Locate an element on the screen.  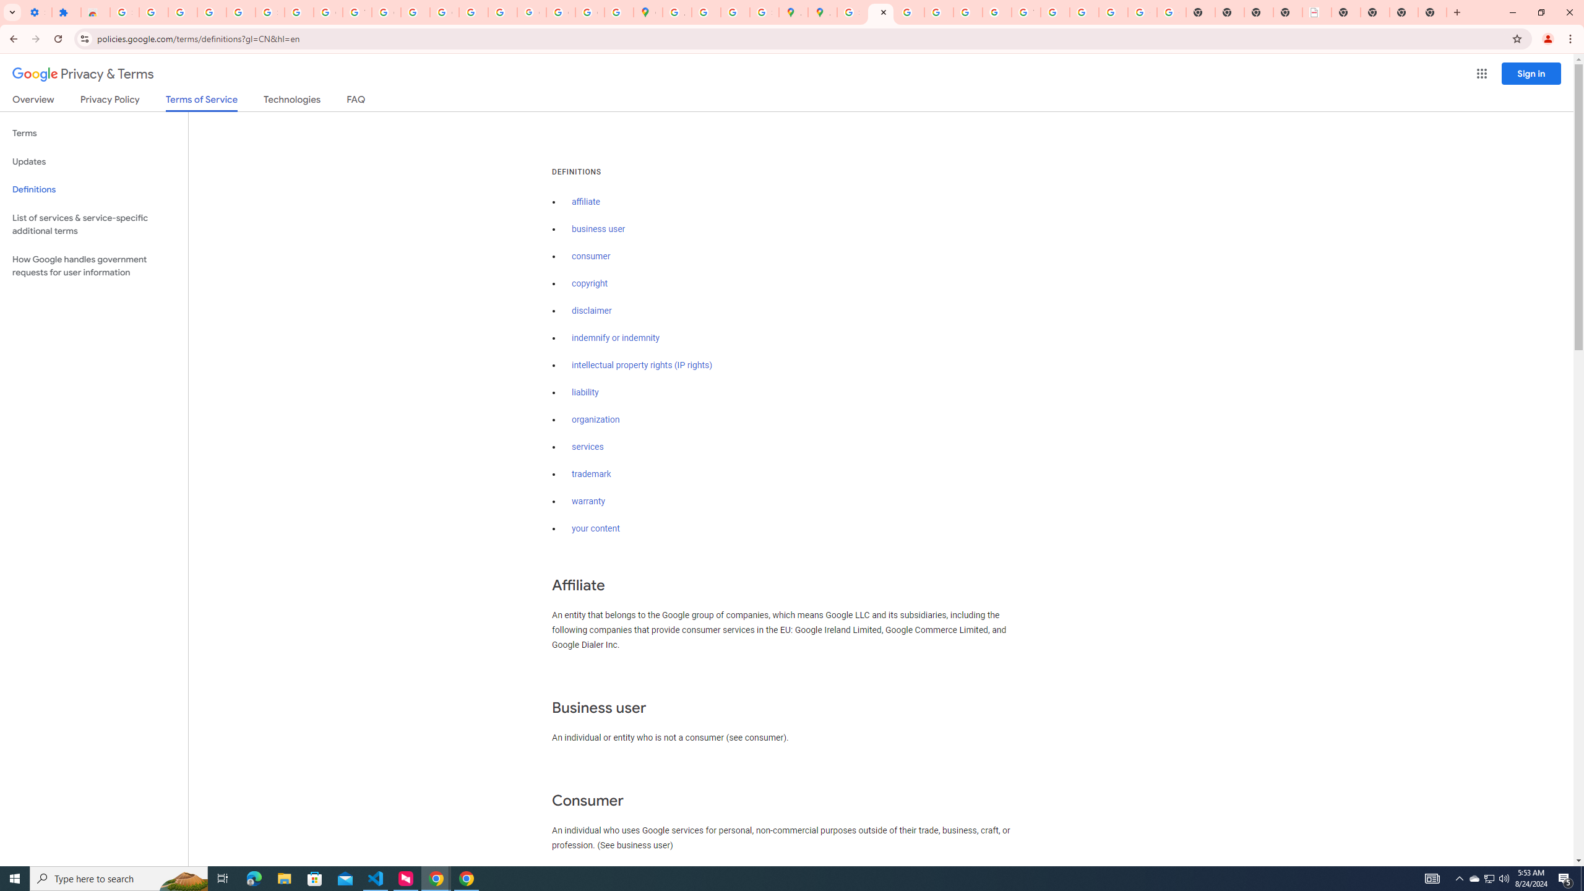
'your content' is located at coordinates (595, 528).